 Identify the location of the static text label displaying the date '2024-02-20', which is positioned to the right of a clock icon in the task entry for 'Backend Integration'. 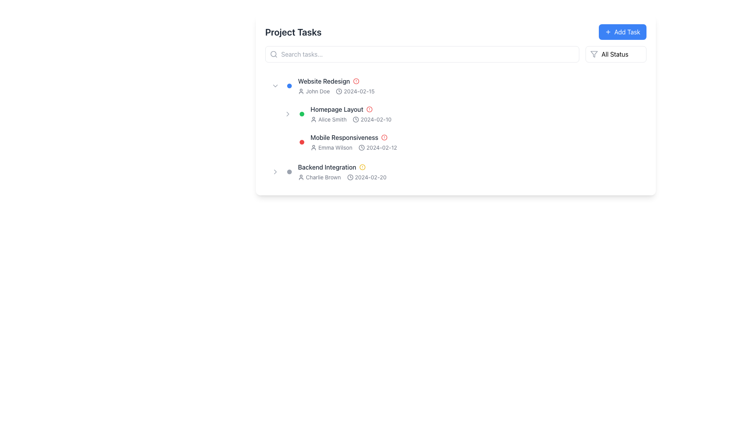
(370, 177).